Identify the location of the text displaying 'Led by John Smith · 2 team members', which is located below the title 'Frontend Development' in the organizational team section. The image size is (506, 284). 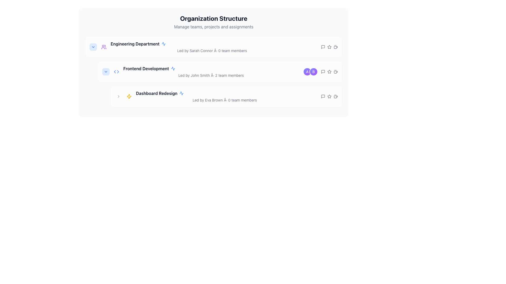
(211, 75).